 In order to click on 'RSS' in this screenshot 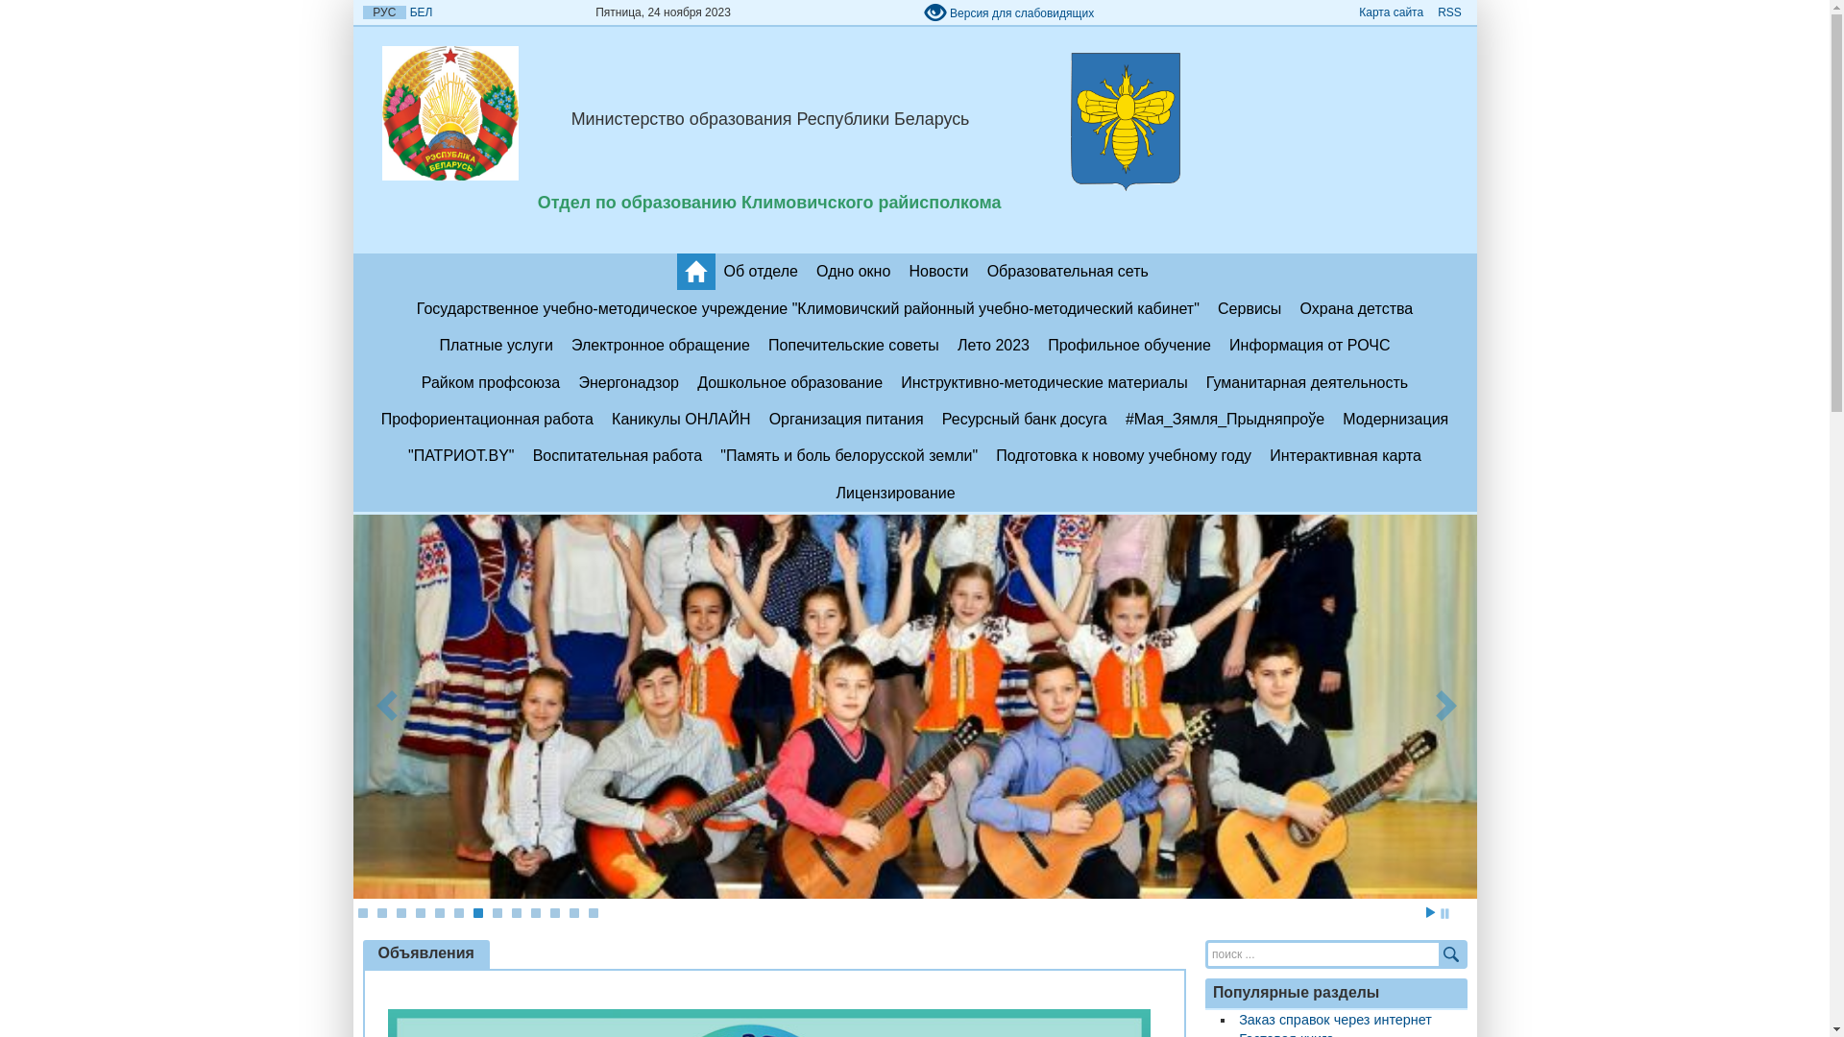, I will do `click(1448, 12)`.